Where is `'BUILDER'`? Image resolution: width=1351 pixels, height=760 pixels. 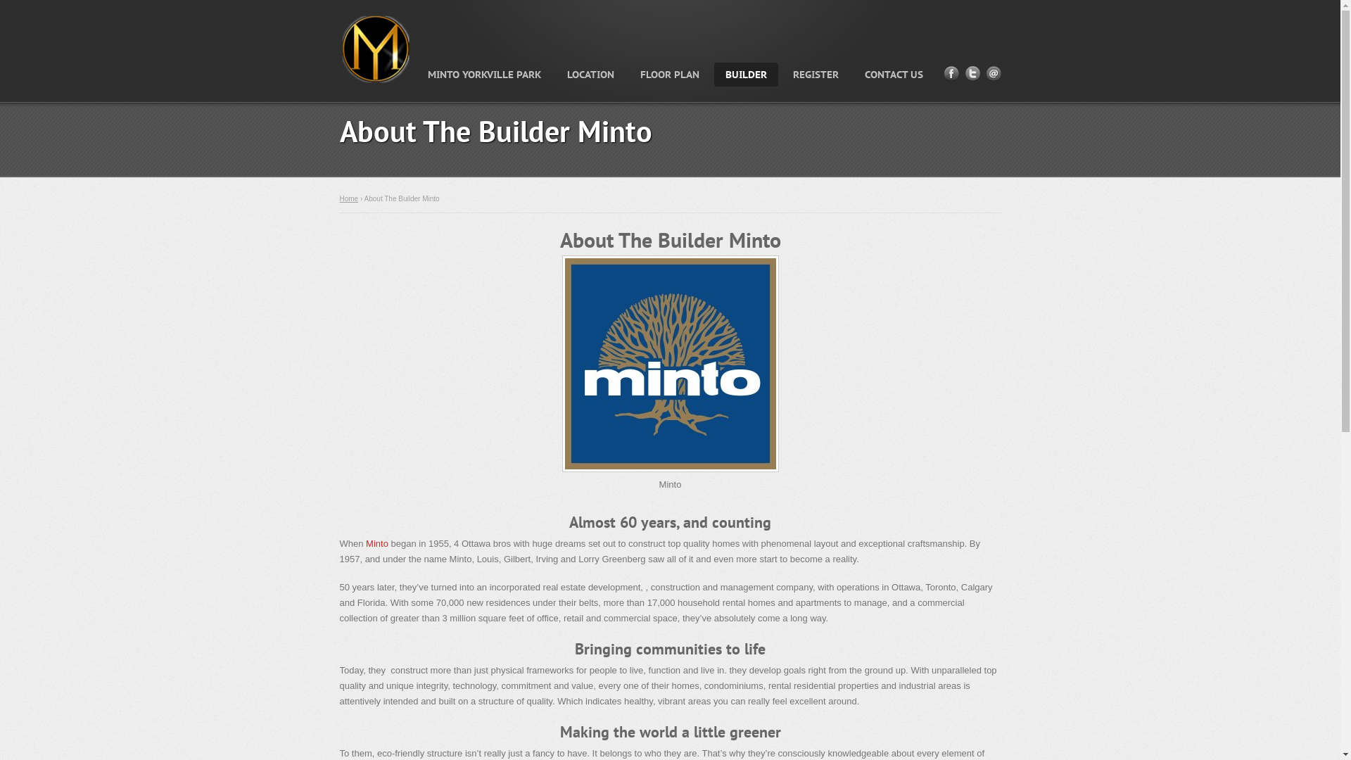
'BUILDER' is located at coordinates (744, 74).